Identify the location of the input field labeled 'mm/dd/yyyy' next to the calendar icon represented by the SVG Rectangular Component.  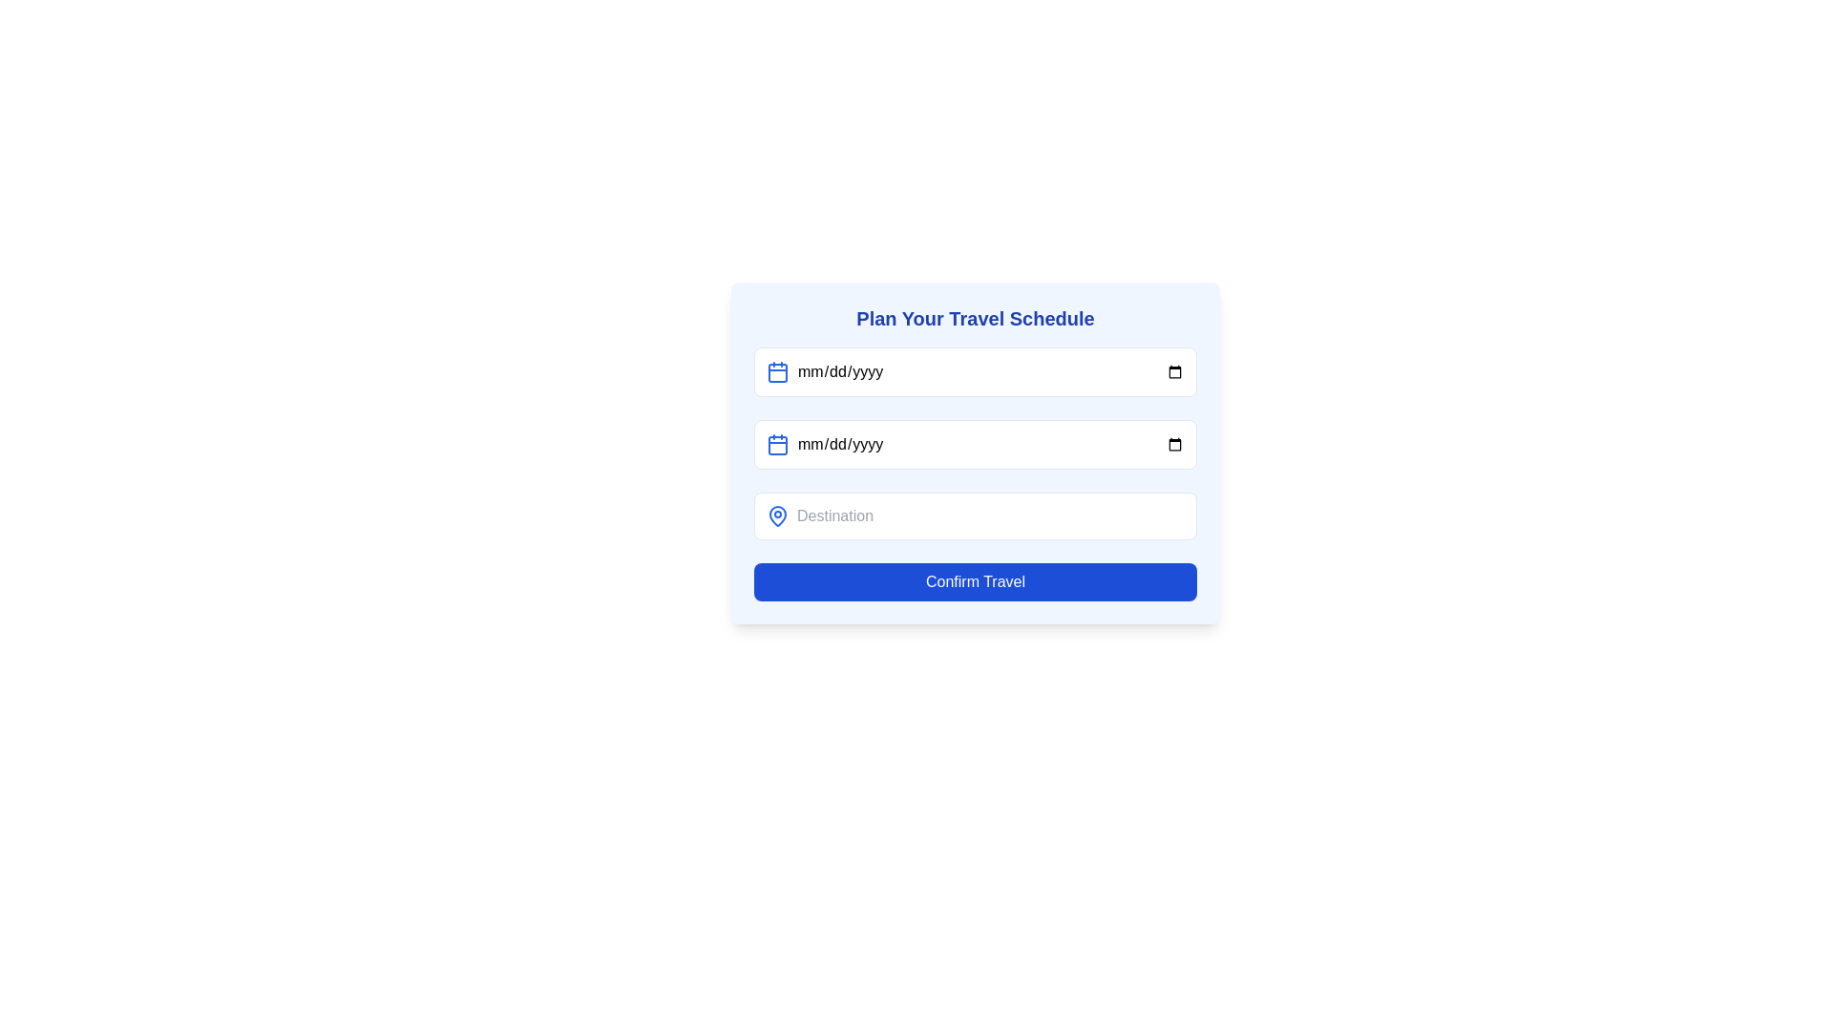
(778, 445).